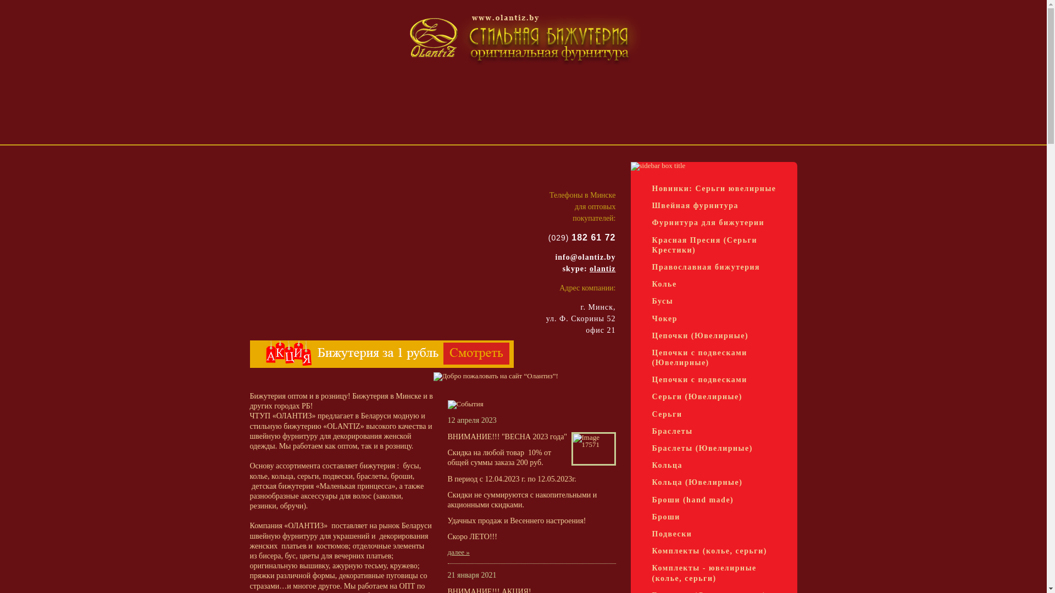  What do you see at coordinates (602, 268) in the screenshot?
I see `'olantiz'` at bounding box center [602, 268].